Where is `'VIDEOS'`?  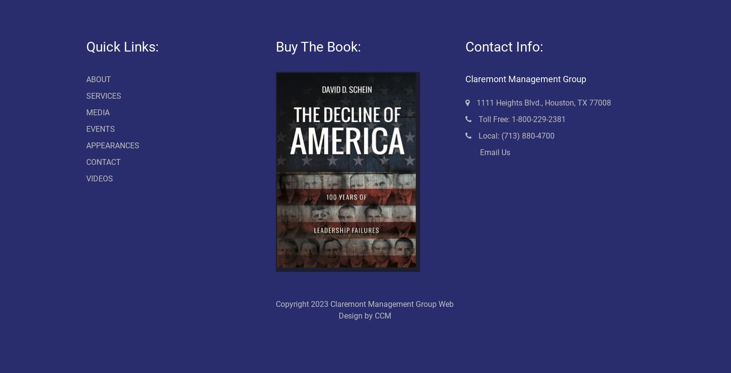
'VIDEOS' is located at coordinates (98, 178).